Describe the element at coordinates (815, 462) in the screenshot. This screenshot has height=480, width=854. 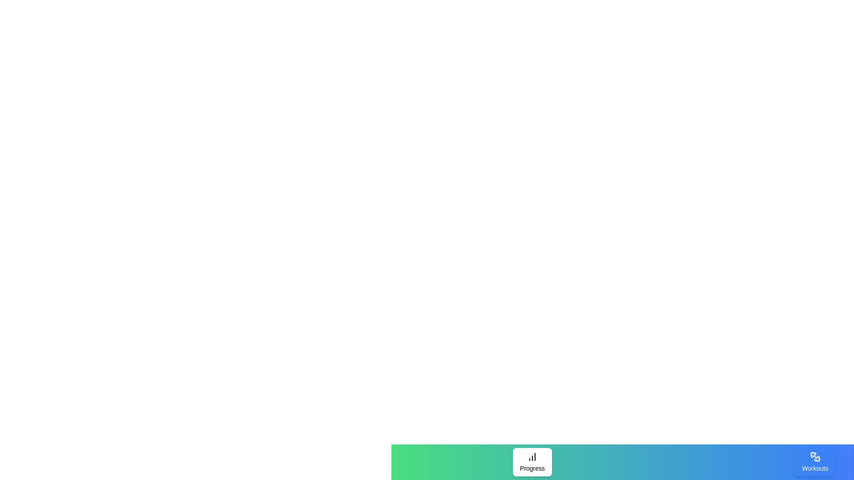
I see `the Workouts tab in the navigation bar` at that location.